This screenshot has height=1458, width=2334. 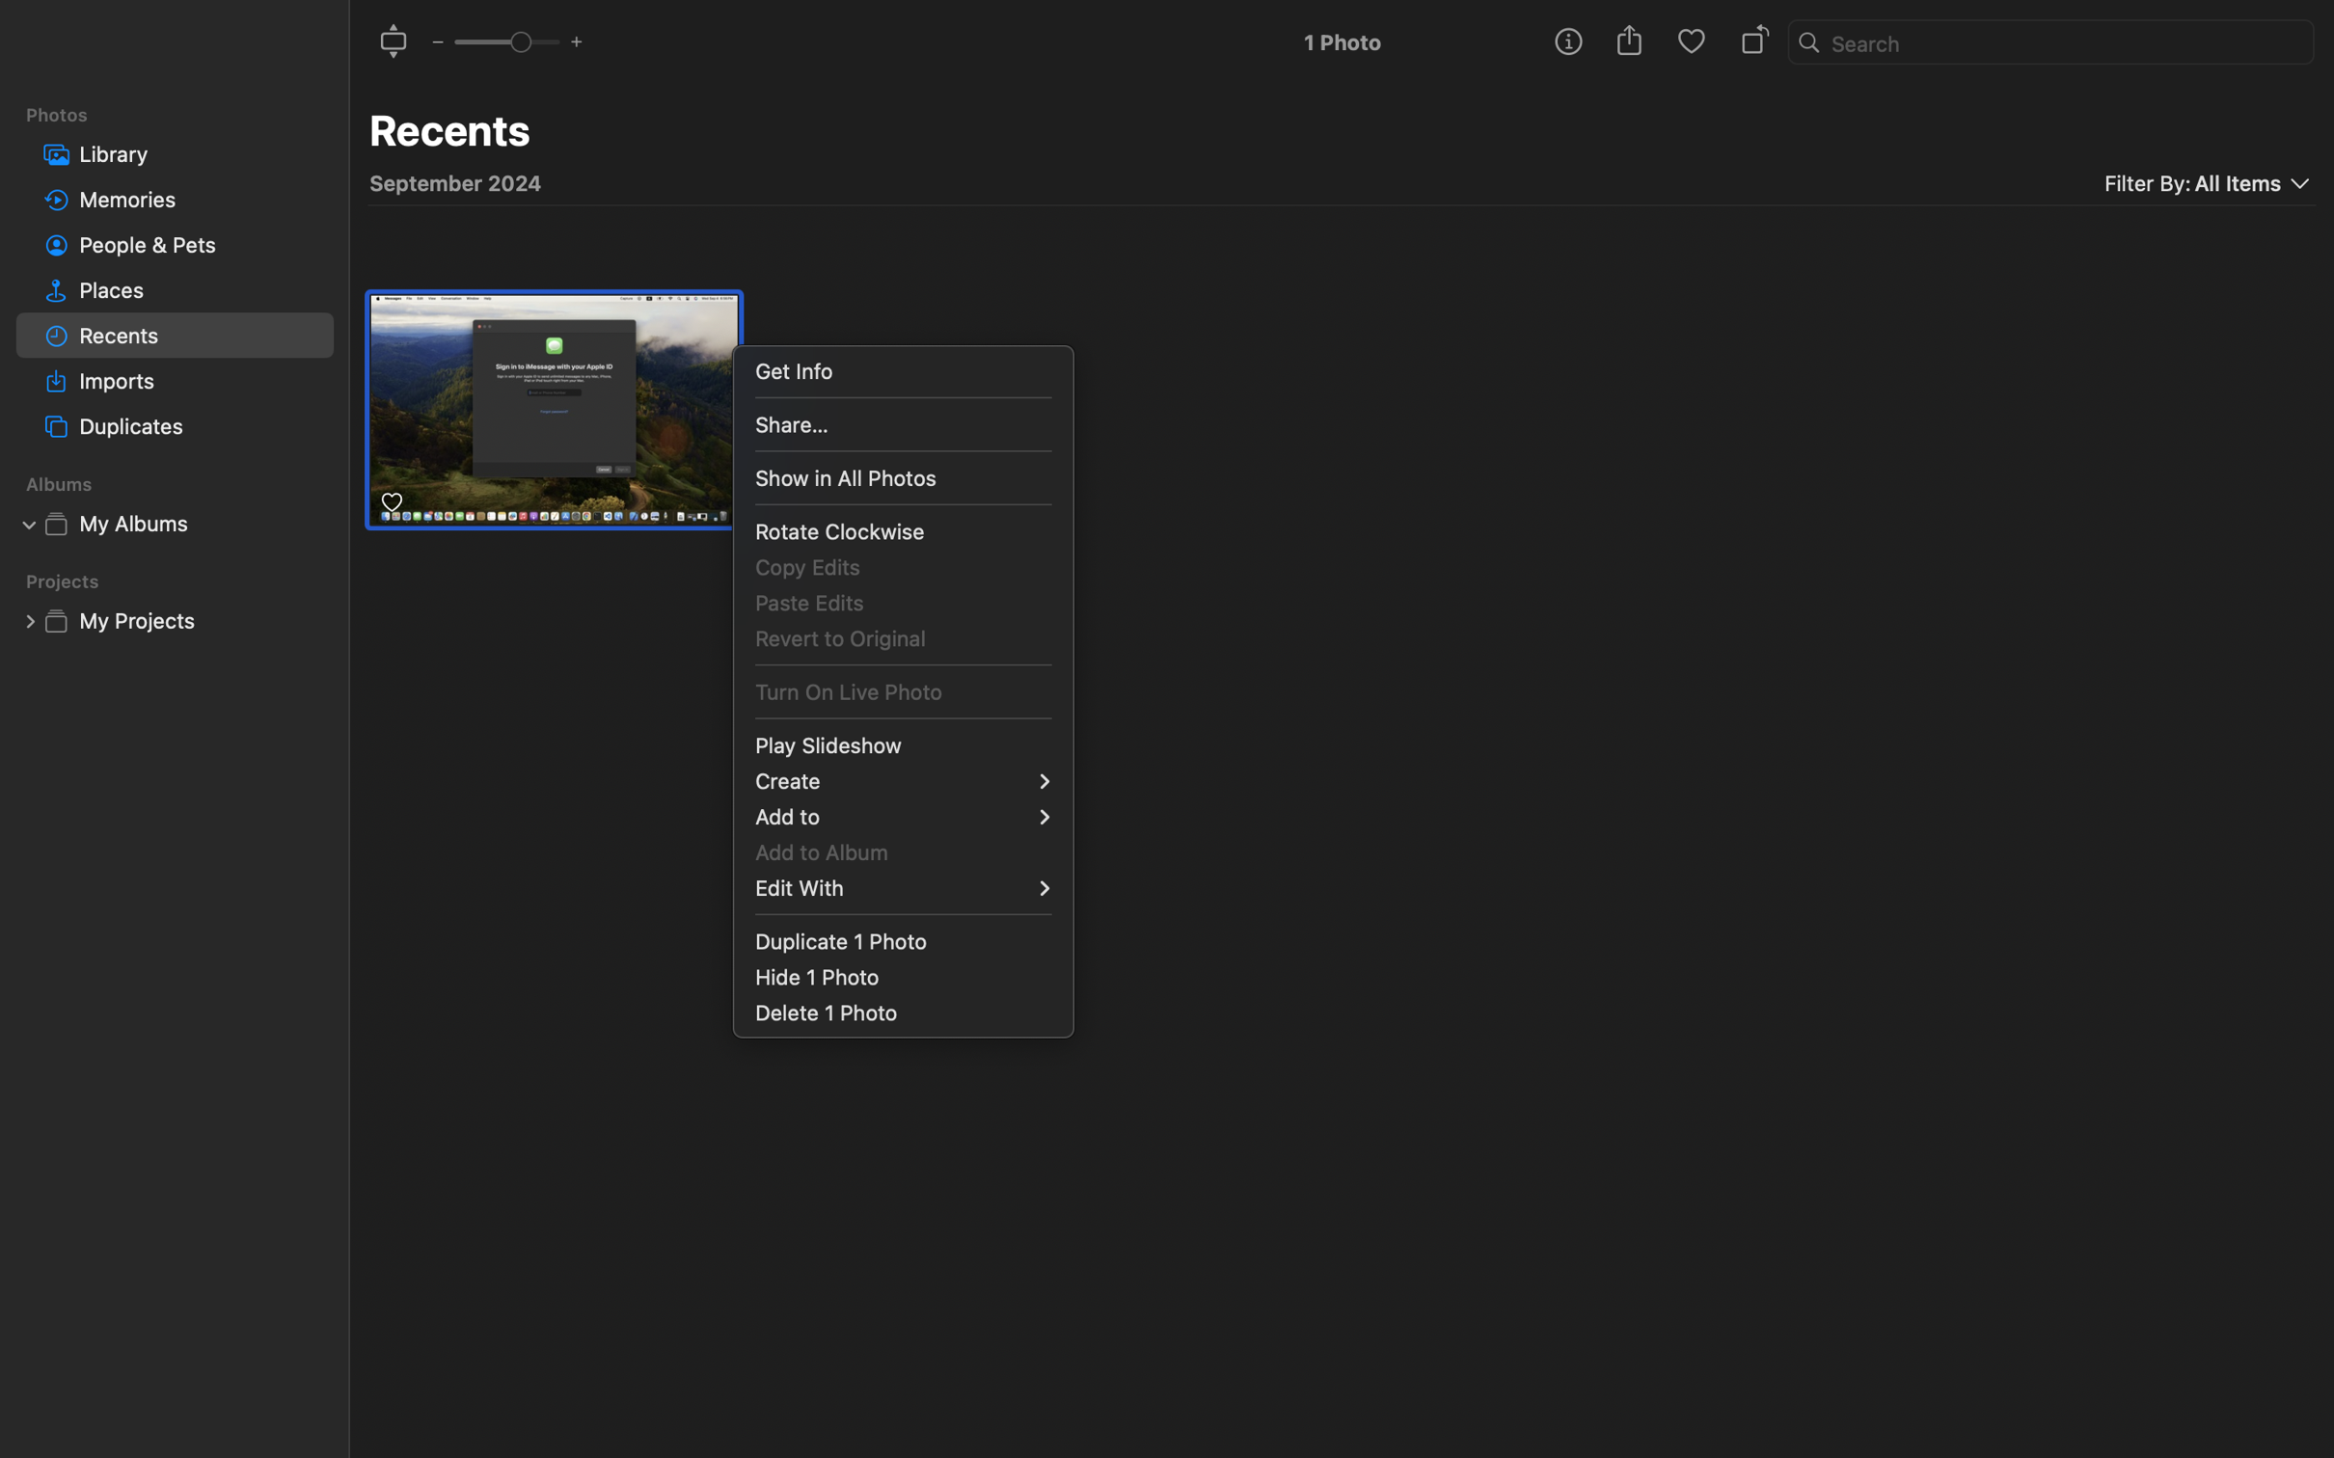 What do you see at coordinates (504, 40) in the screenshot?
I see `'2.0'` at bounding box center [504, 40].